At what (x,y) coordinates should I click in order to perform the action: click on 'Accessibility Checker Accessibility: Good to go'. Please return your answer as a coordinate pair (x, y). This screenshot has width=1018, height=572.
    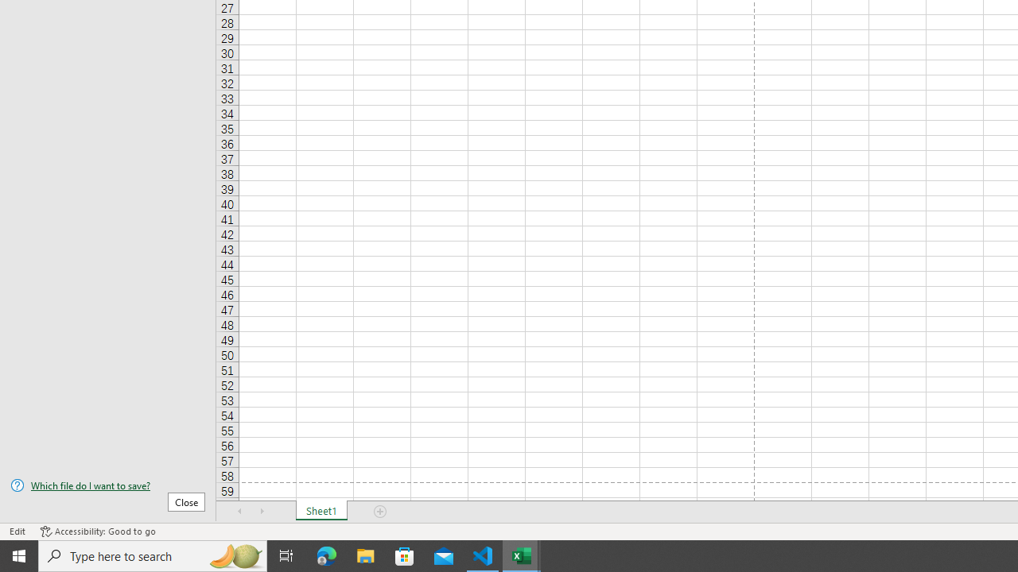
    Looking at the image, I should click on (97, 531).